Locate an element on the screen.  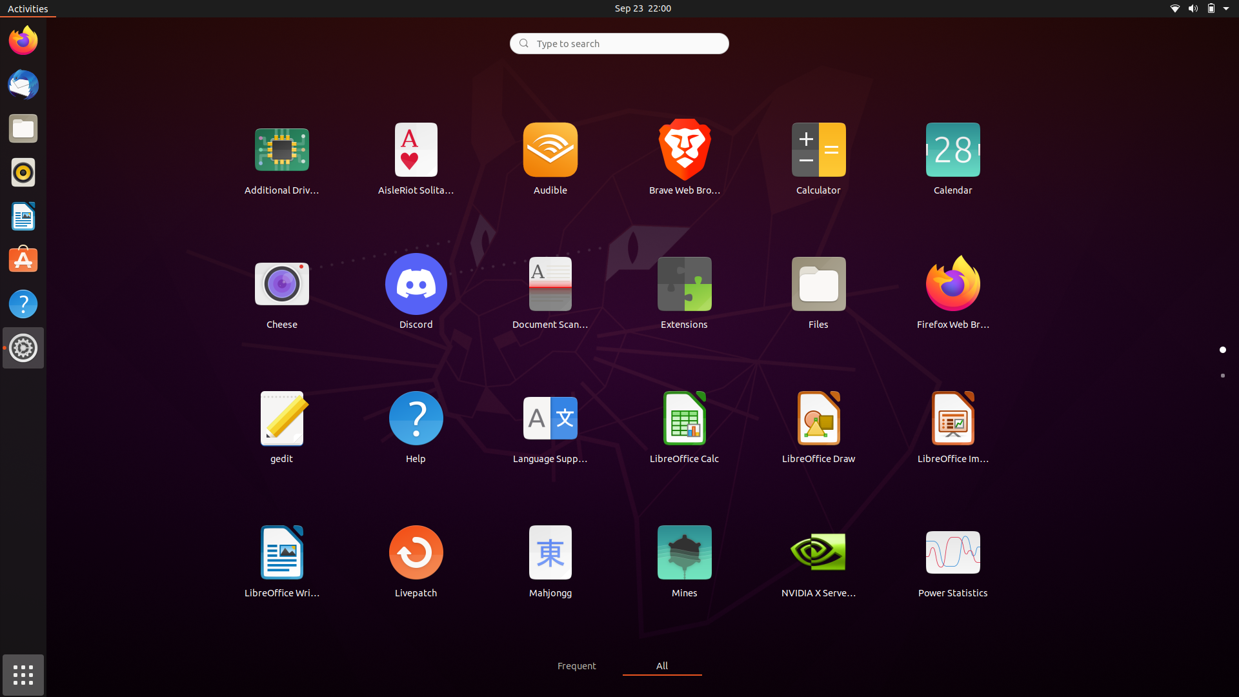
Engage the Calendar application is located at coordinates (952, 157).